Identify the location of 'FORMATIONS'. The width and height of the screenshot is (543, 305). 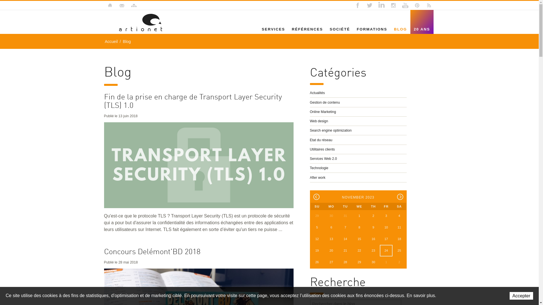
(353, 29).